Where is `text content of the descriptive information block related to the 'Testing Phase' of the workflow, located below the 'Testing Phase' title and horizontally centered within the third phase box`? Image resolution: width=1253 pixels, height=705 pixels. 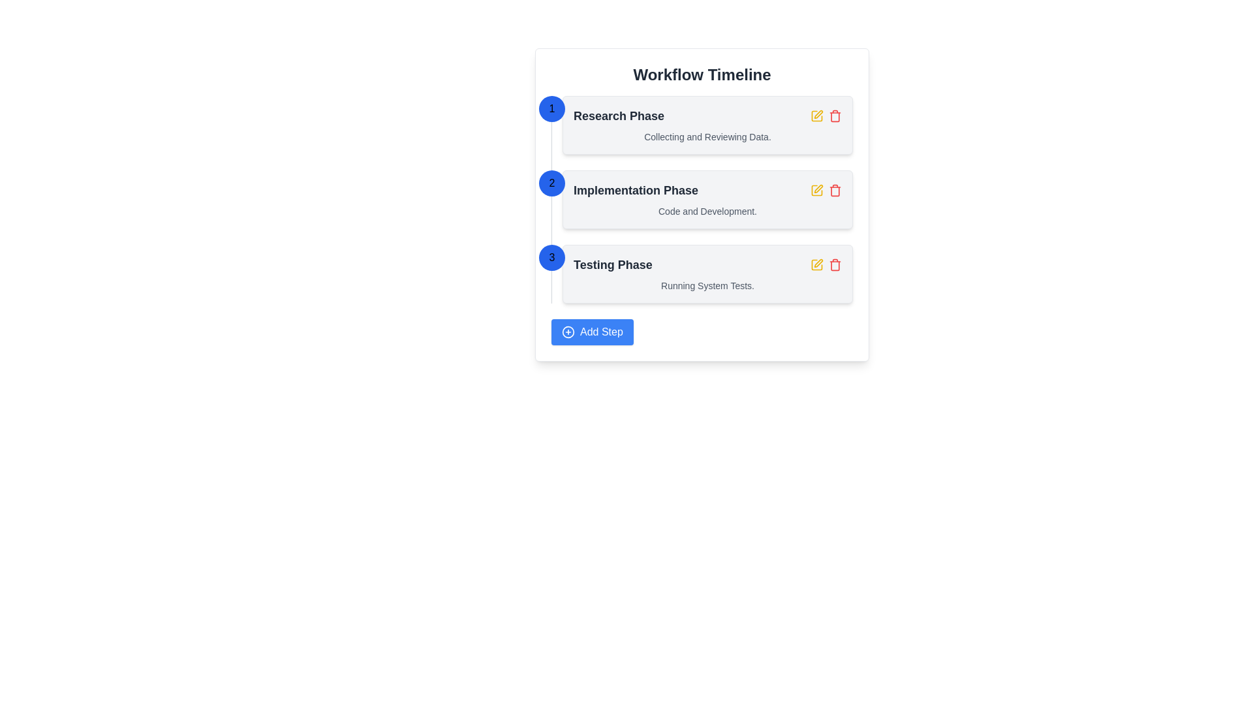 text content of the descriptive information block related to the 'Testing Phase' of the workflow, located below the 'Testing Phase' title and horizontally centered within the third phase box is located at coordinates (707, 285).